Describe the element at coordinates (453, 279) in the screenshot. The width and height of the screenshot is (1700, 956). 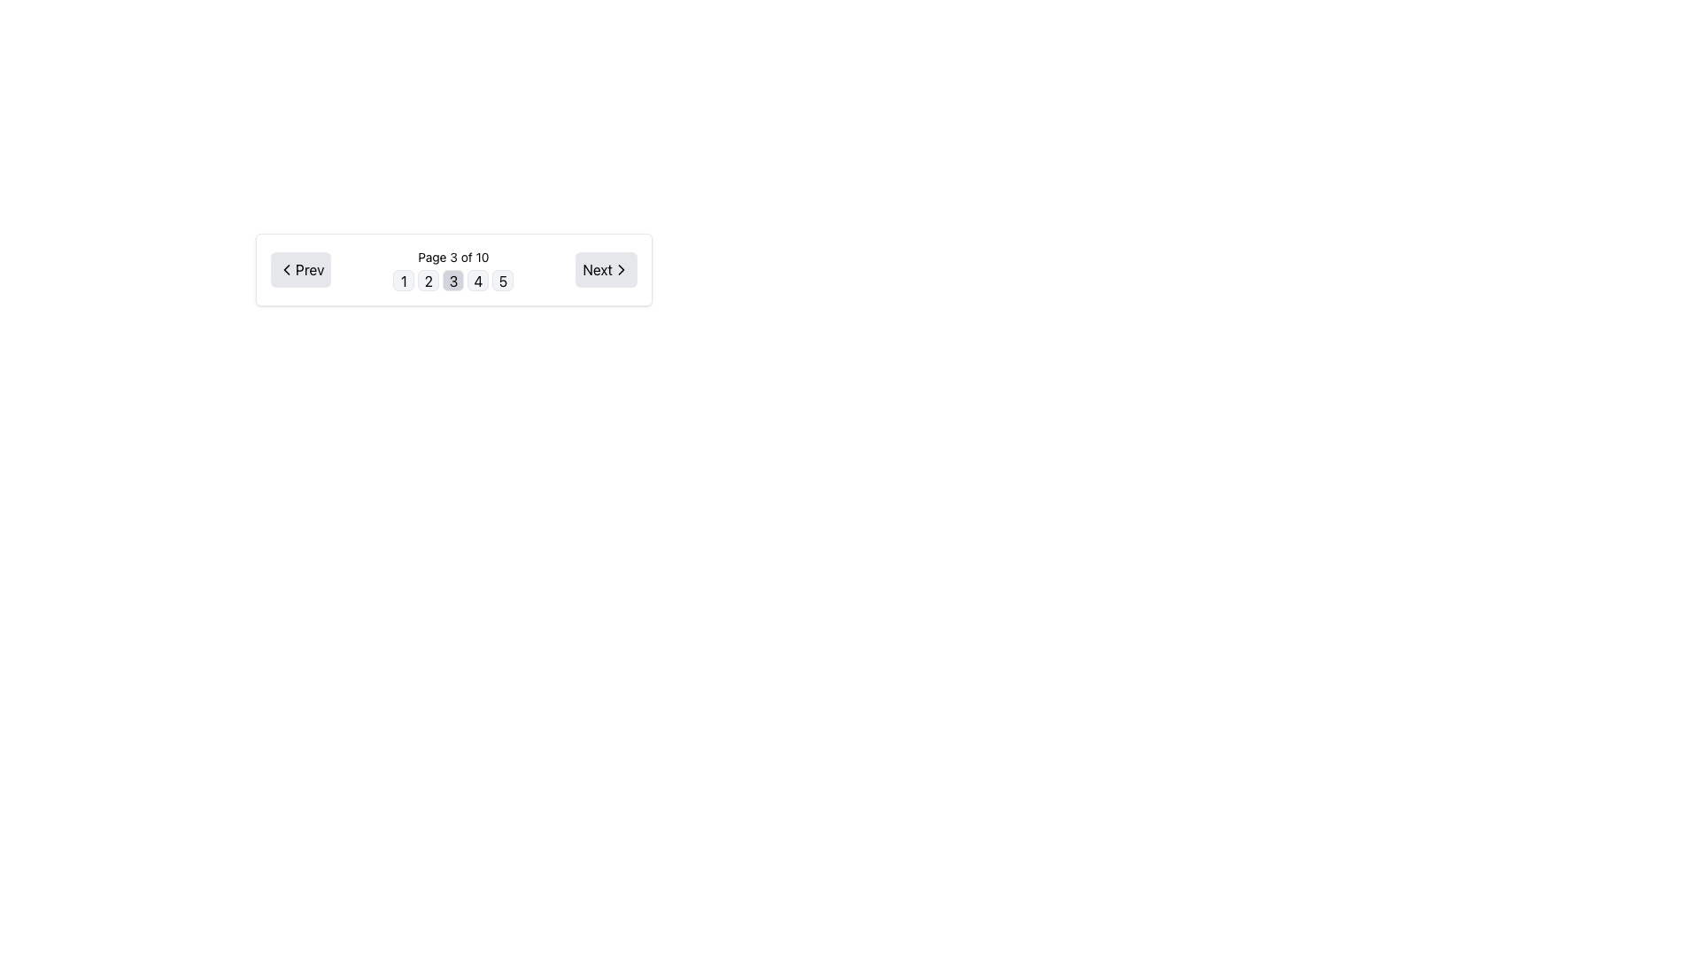
I see `the square button with a light gray background and the number '3' centered in black text` at that location.